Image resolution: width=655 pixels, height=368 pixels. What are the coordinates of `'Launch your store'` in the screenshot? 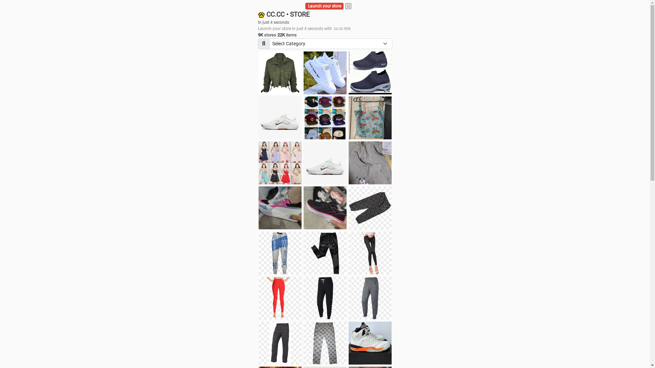 It's located at (324, 6).